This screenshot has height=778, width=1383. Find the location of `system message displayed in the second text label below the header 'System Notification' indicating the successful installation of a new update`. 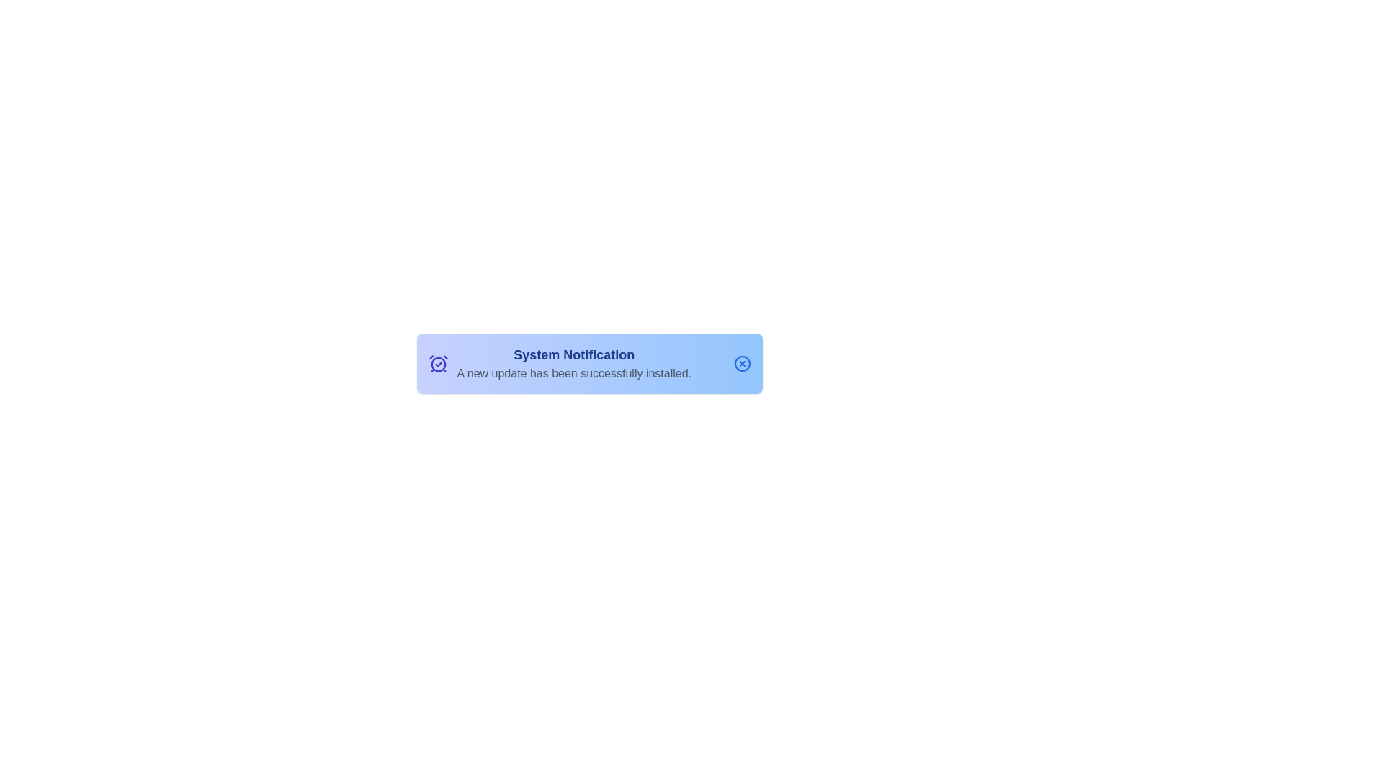

system message displayed in the second text label below the header 'System Notification' indicating the successful installation of a new update is located at coordinates (573, 373).